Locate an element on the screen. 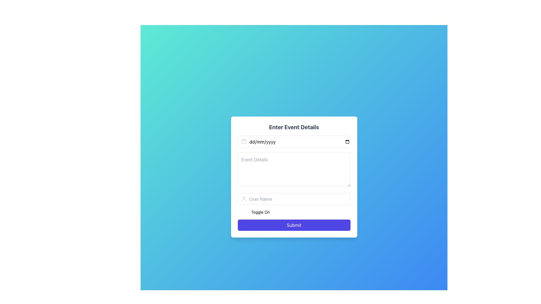  the 'Submit' button with a bright indigo background and white text at the bottom of the modal titled 'Enter Event Details' is located at coordinates (294, 225).